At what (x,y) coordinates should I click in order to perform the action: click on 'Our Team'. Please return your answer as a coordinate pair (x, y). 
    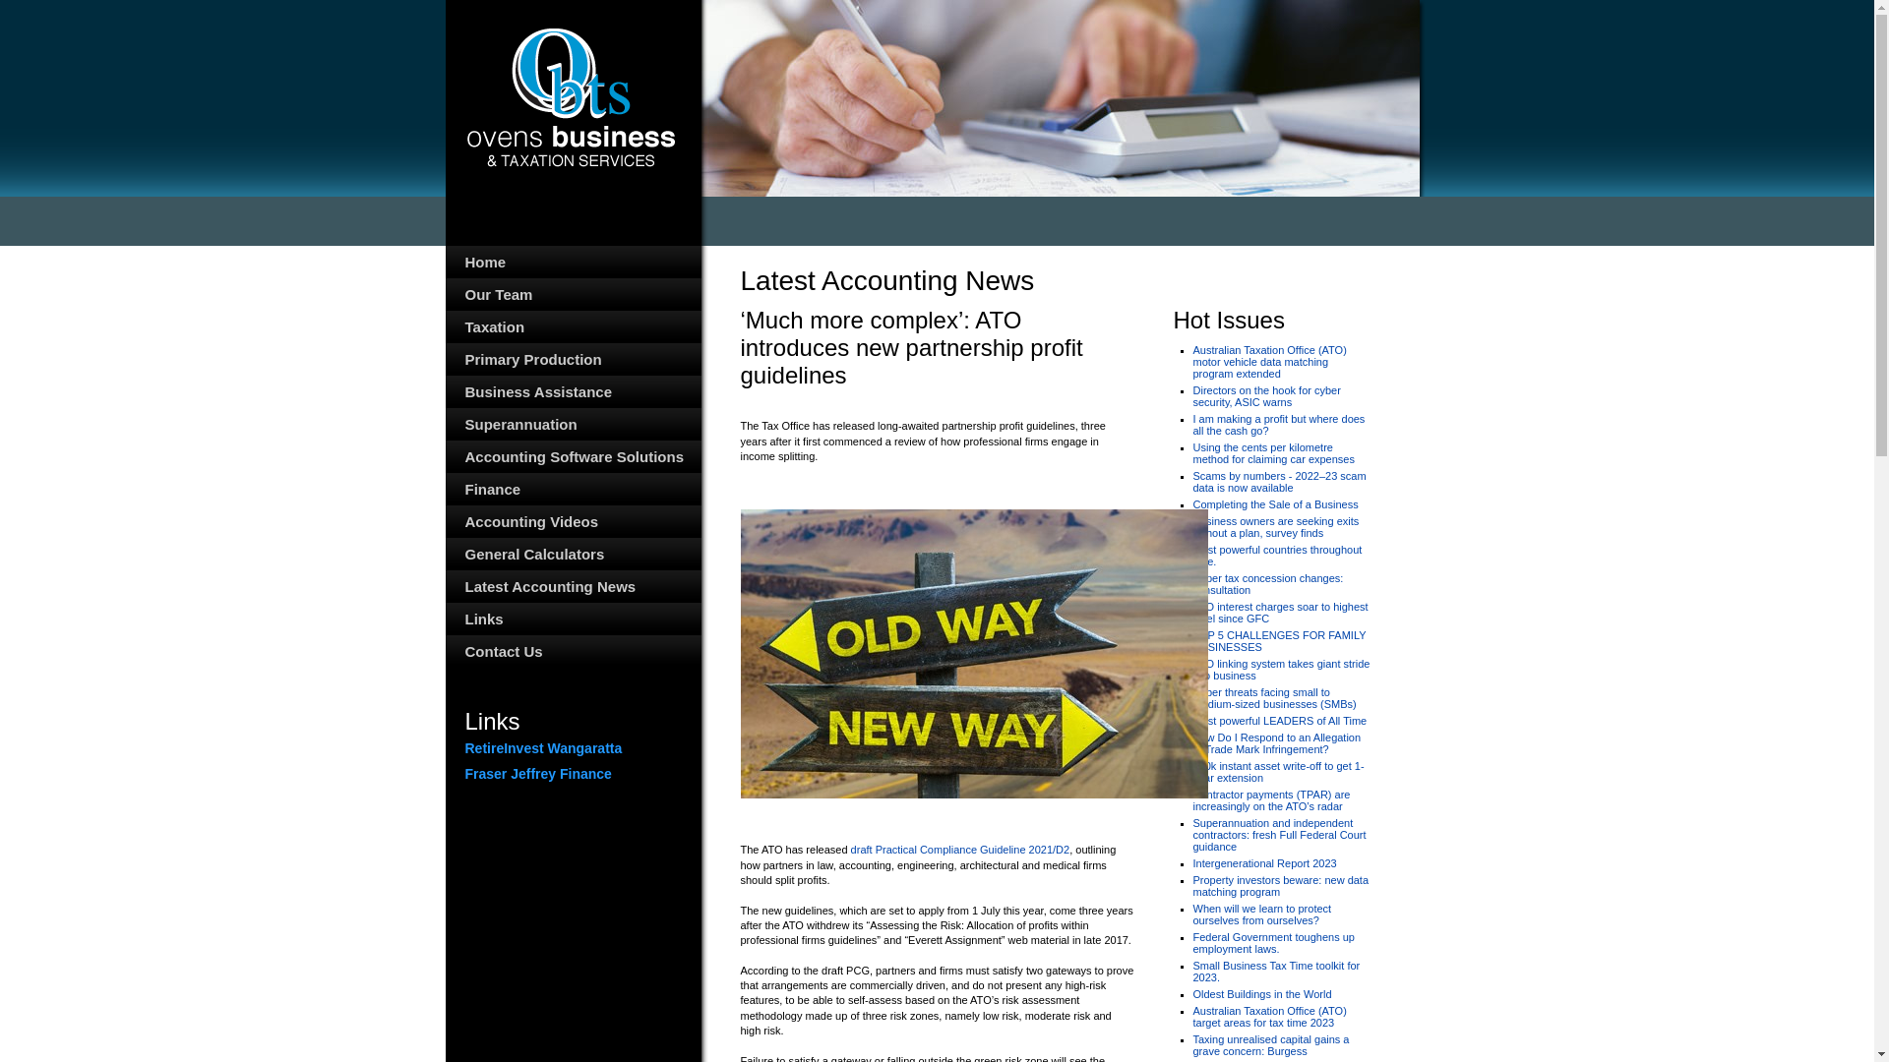
    Looking at the image, I should click on (571, 294).